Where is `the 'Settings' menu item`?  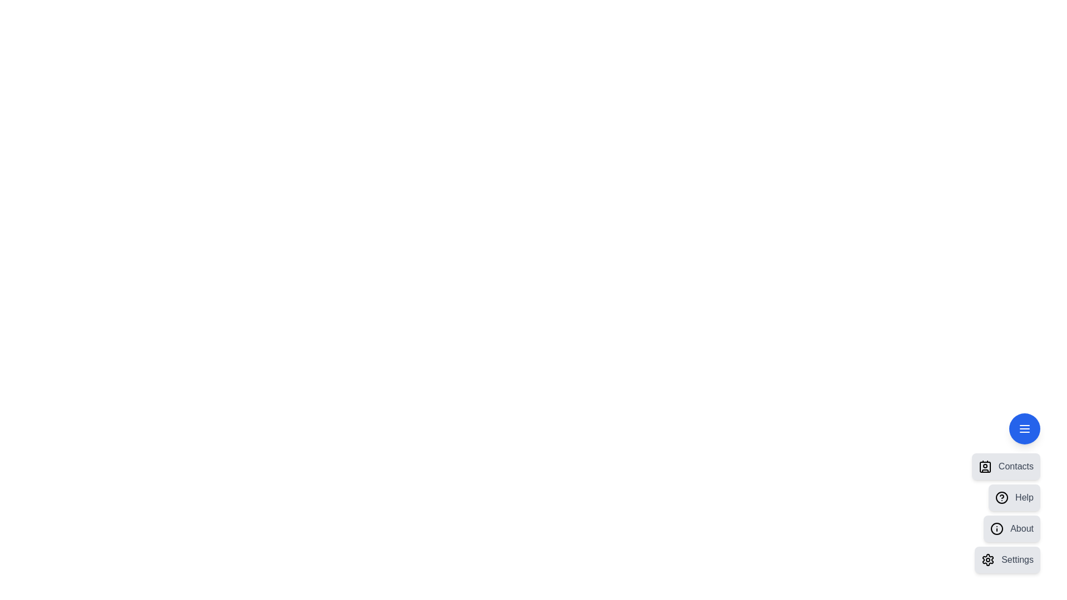 the 'Settings' menu item is located at coordinates (1008, 559).